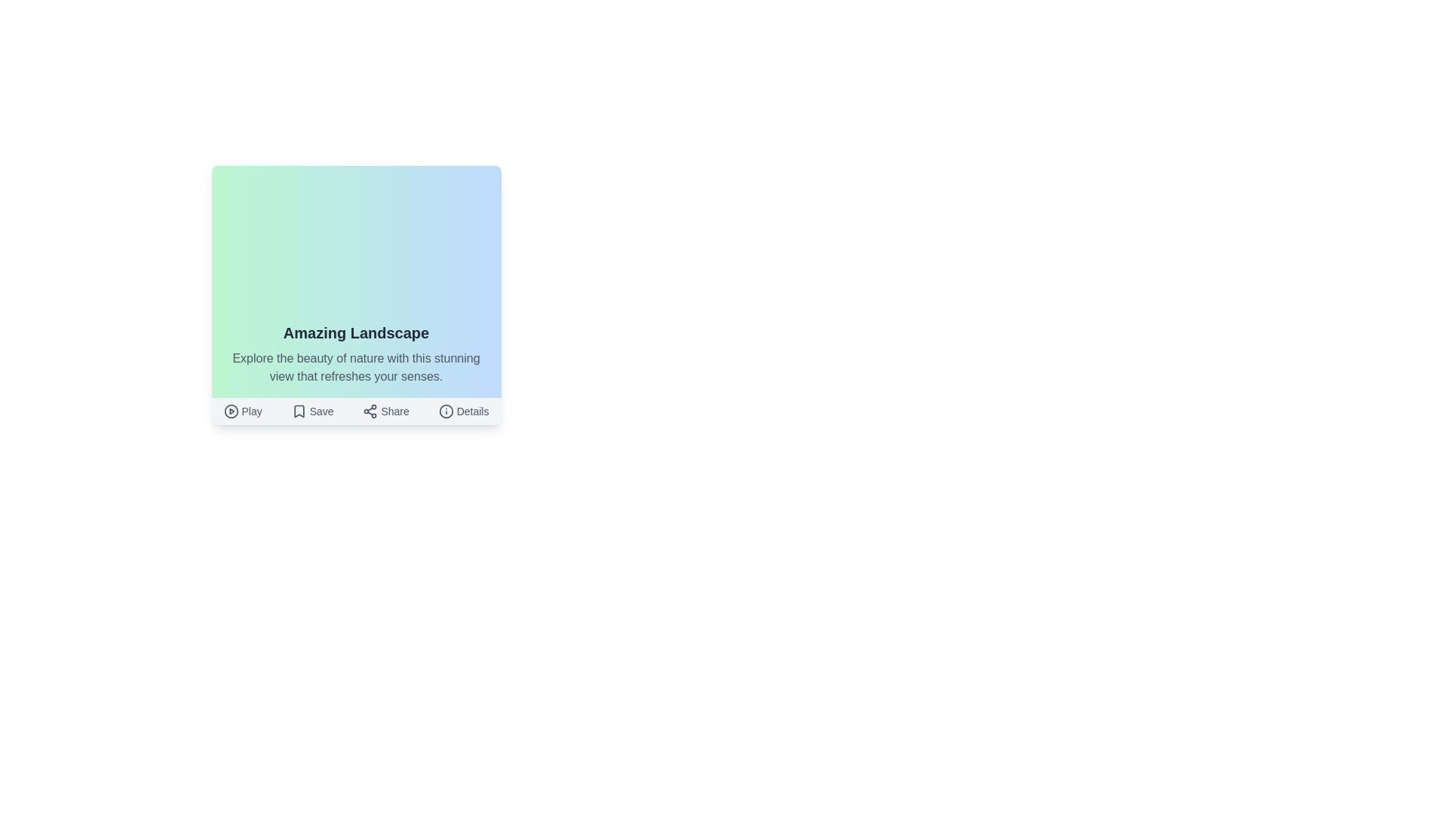 The image size is (1448, 814). Describe the element at coordinates (230, 412) in the screenshot. I see `the circular play button icon located at the bottom-left corner of the card` at that location.